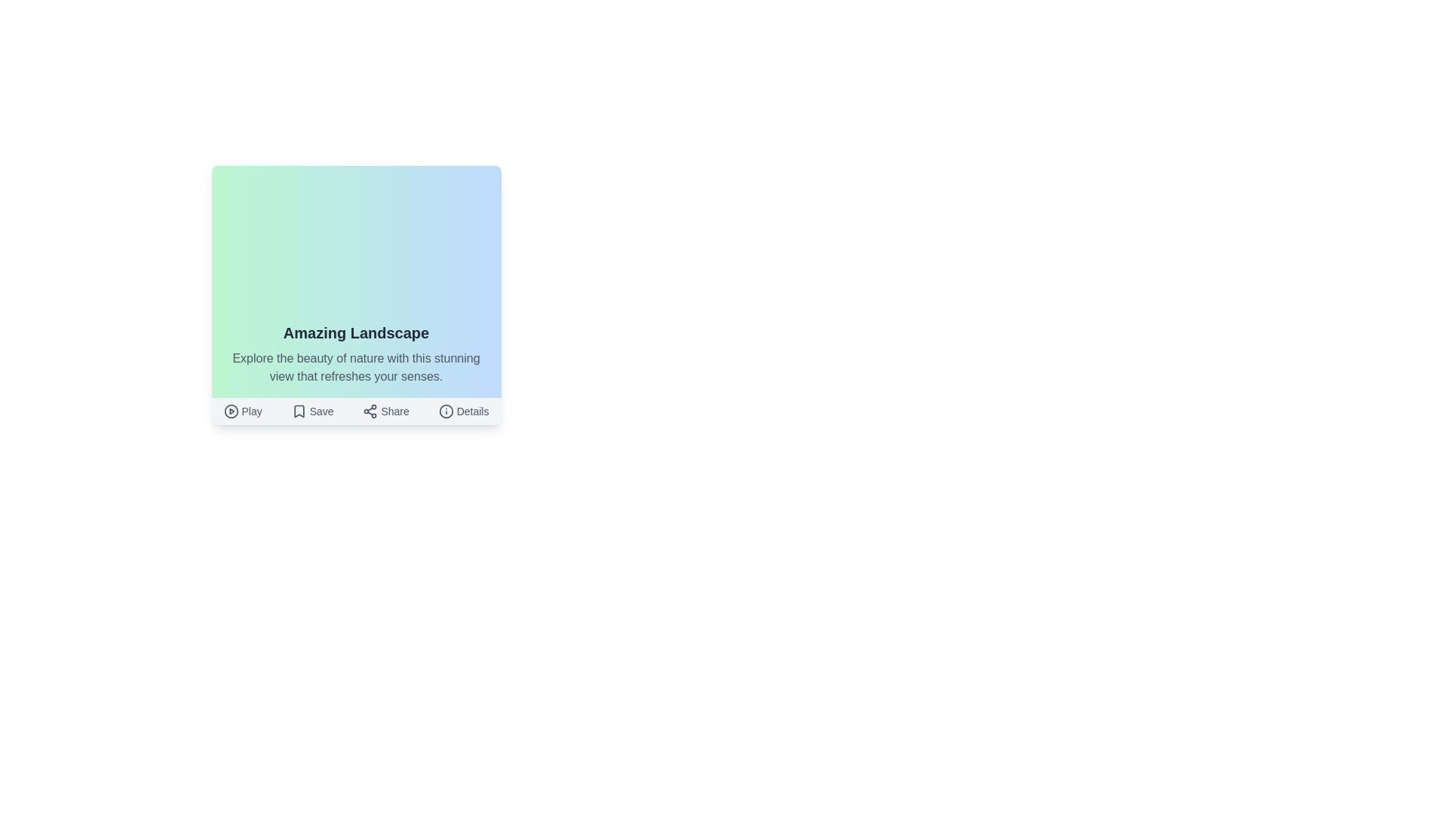 The image size is (1448, 814). Describe the element at coordinates (230, 412) in the screenshot. I see `the circular play button icon located at the bottom-left corner of the card` at that location.